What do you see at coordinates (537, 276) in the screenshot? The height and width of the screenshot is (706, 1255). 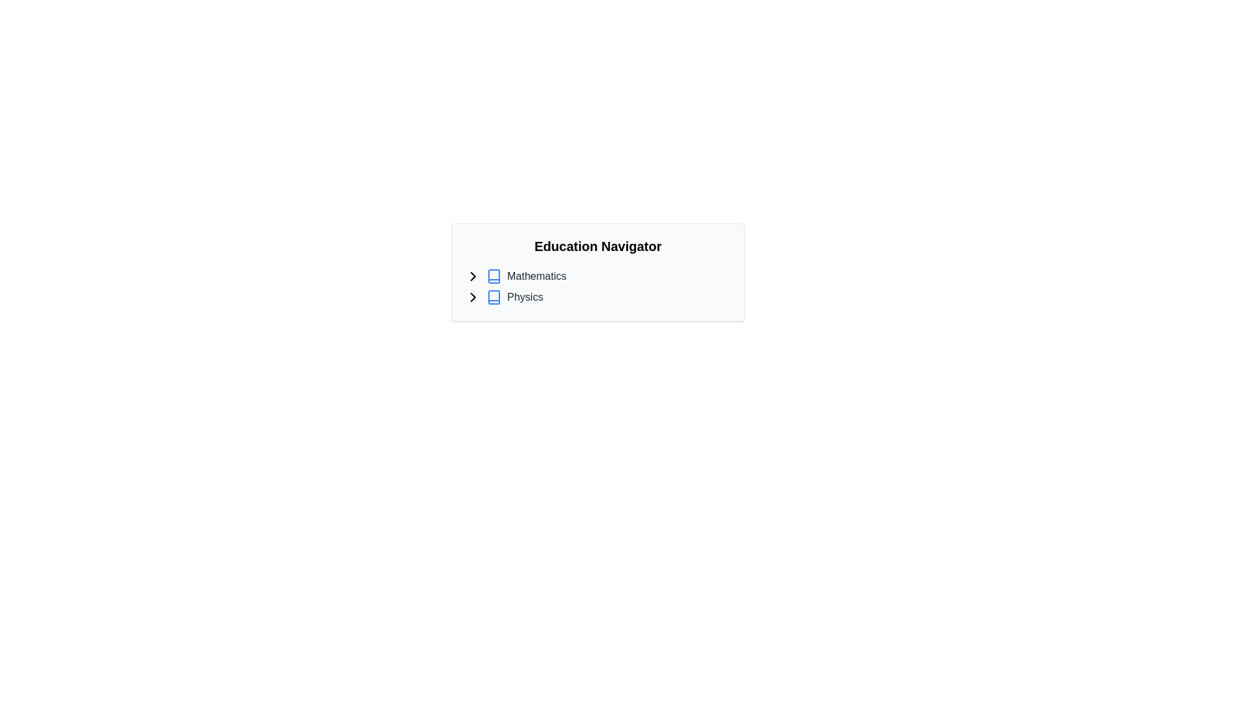 I see `text label displaying 'Mathematics' in the navigation panel, located to the right of the blue book icon` at bounding box center [537, 276].